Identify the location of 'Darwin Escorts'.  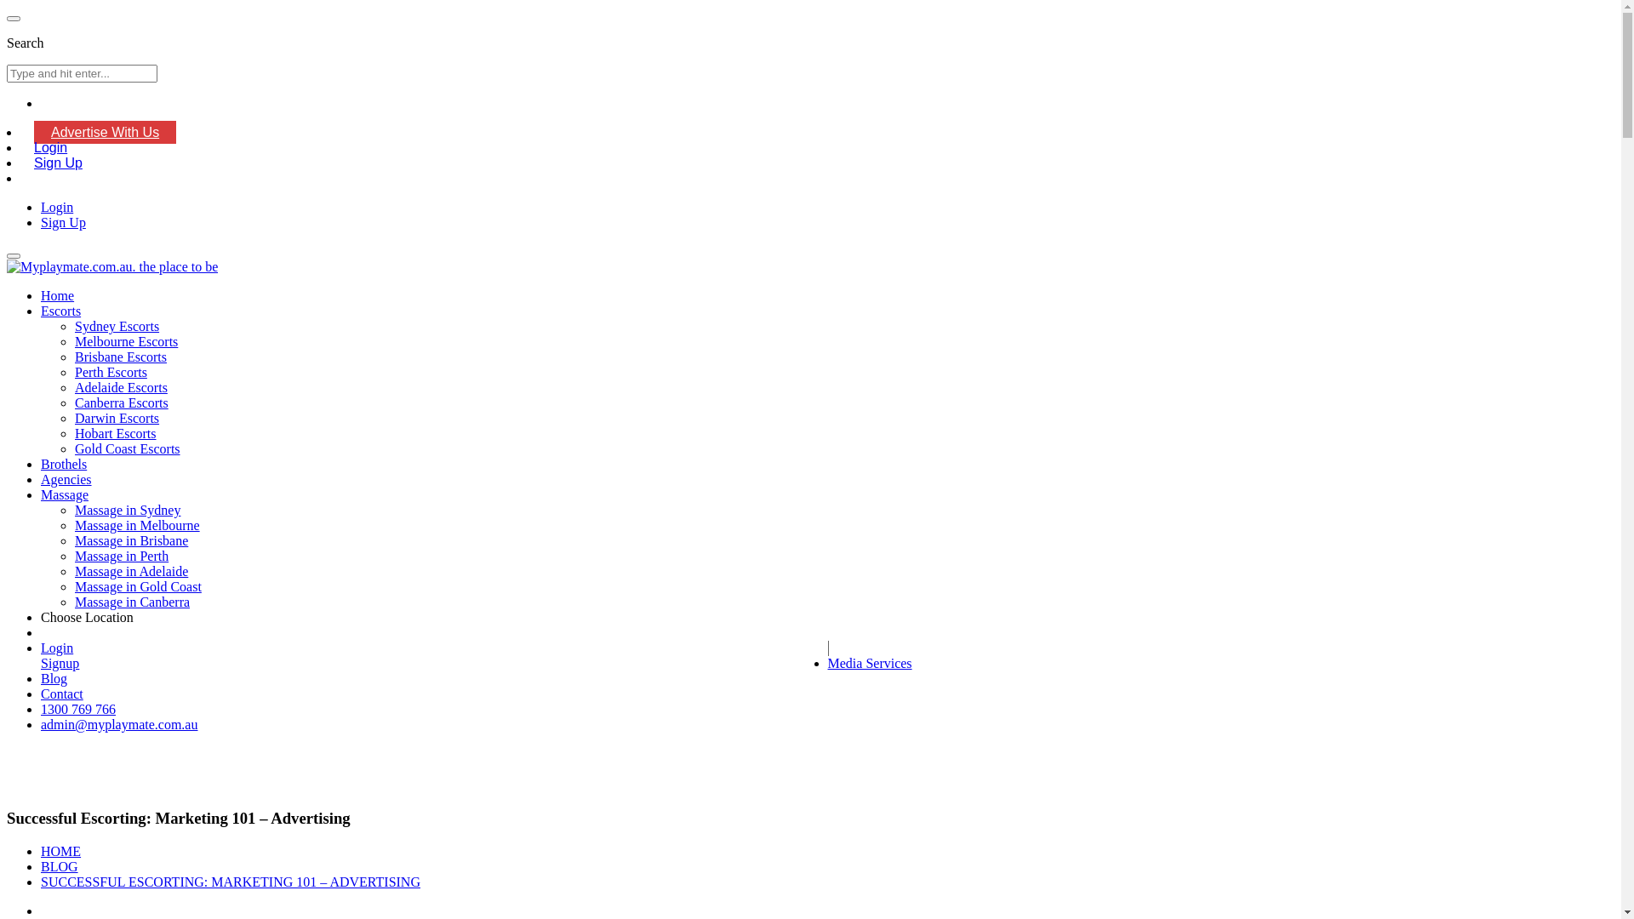
(73, 418).